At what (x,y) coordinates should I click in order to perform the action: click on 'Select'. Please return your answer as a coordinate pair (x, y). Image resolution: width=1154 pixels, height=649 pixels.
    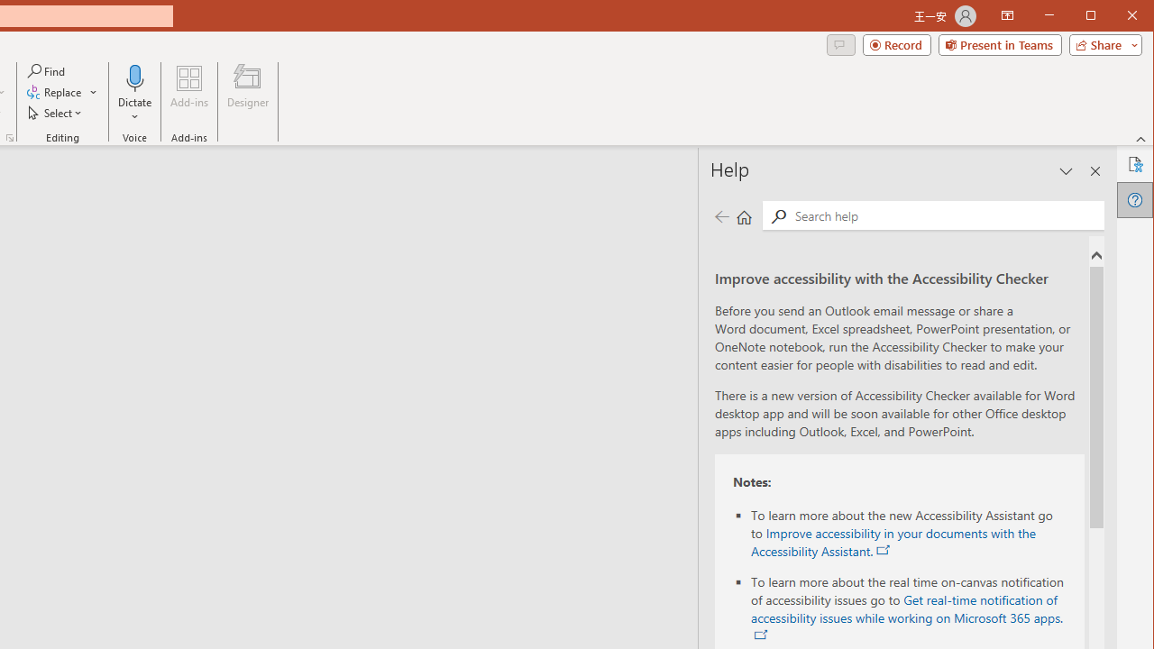
    Looking at the image, I should click on (56, 113).